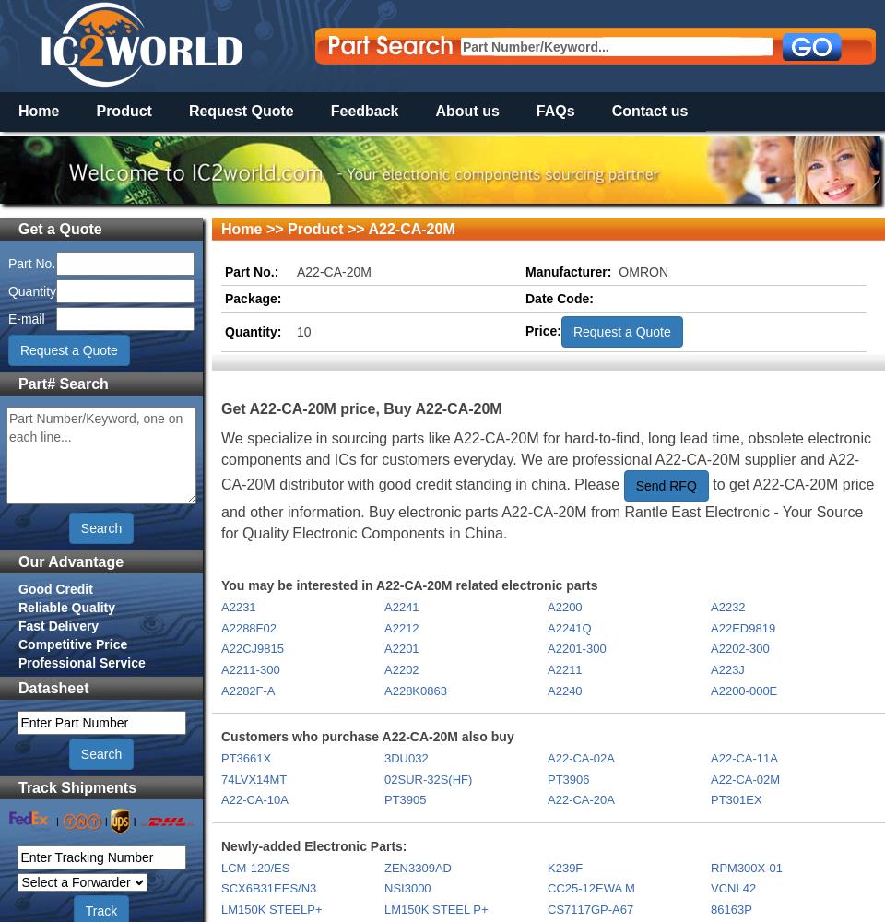 The height and width of the screenshot is (922, 885). Describe the element at coordinates (73, 643) in the screenshot. I see `'Competitive Price'` at that location.